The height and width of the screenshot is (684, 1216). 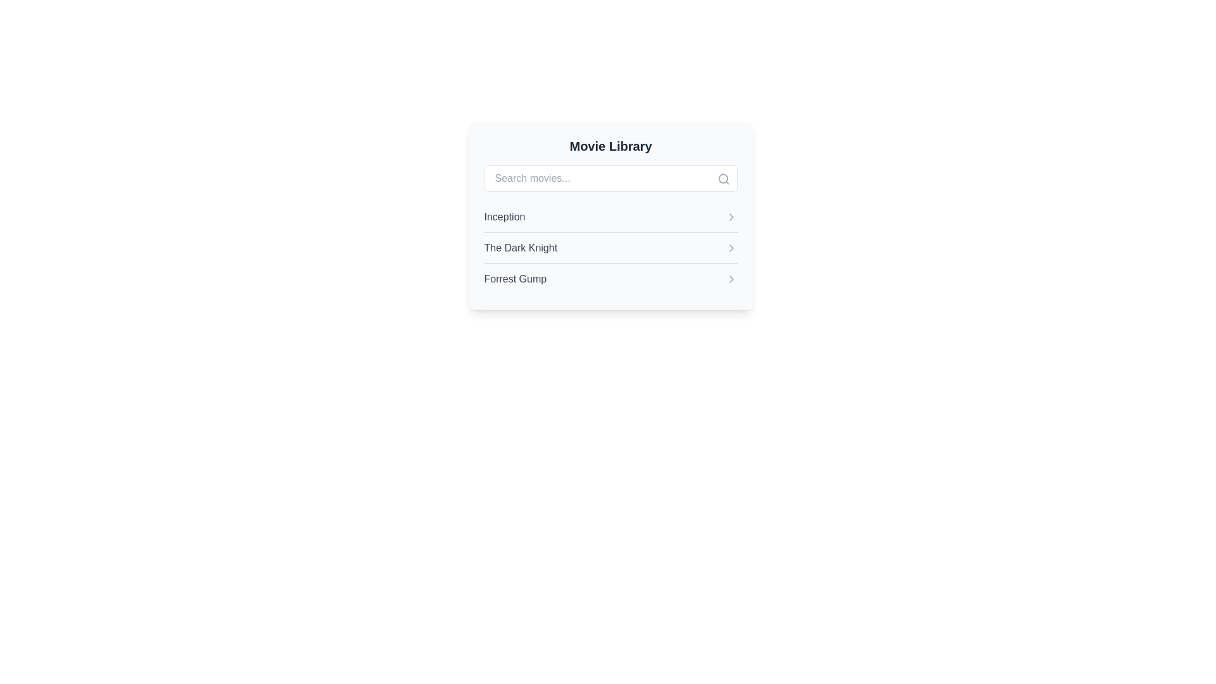 What do you see at coordinates (731, 278) in the screenshot?
I see `the rightward-pointing chevron icon, which is located to the far right of the row labeled 'Forrest Gump'` at bounding box center [731, 278].